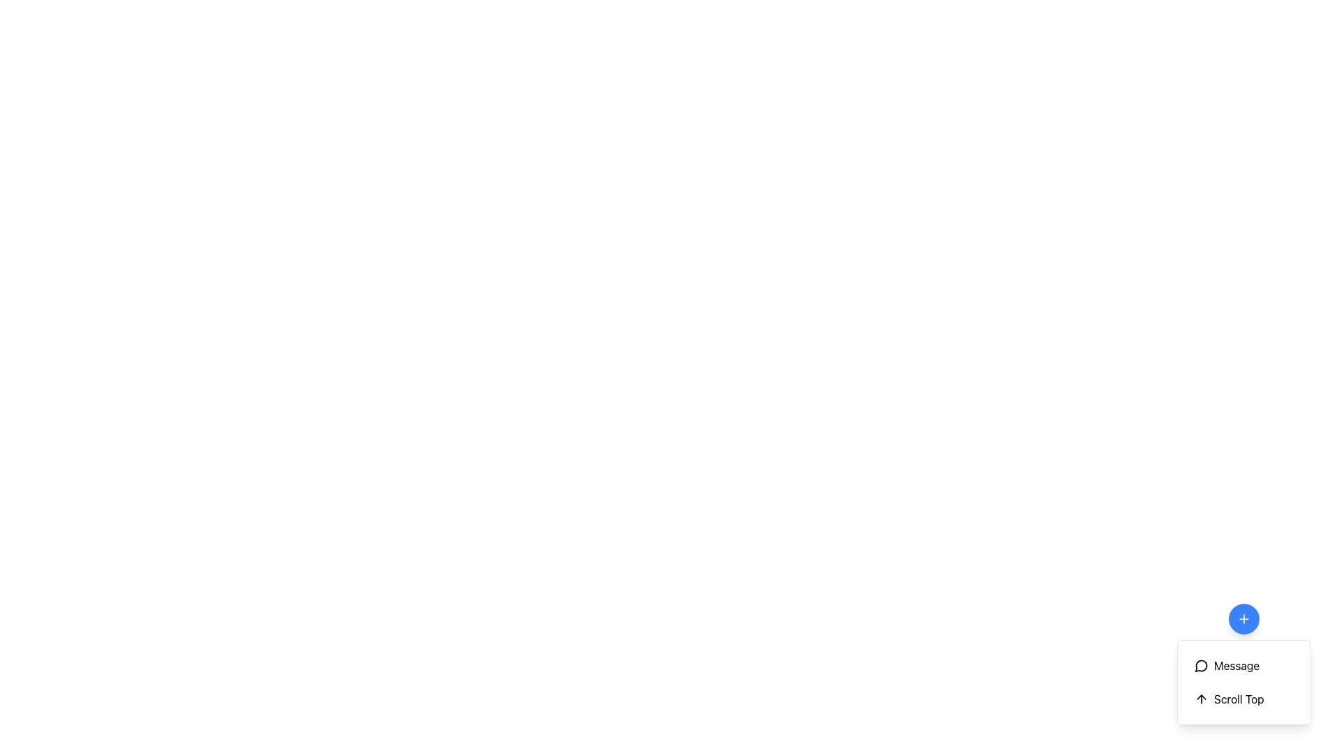 This screenshot has width=1339, height=753. Describe the element at coordinates (1201, 665) in the screenshot. I see `the circular icon resembling a speech bubble located next to the text label 'Message'` at that location.